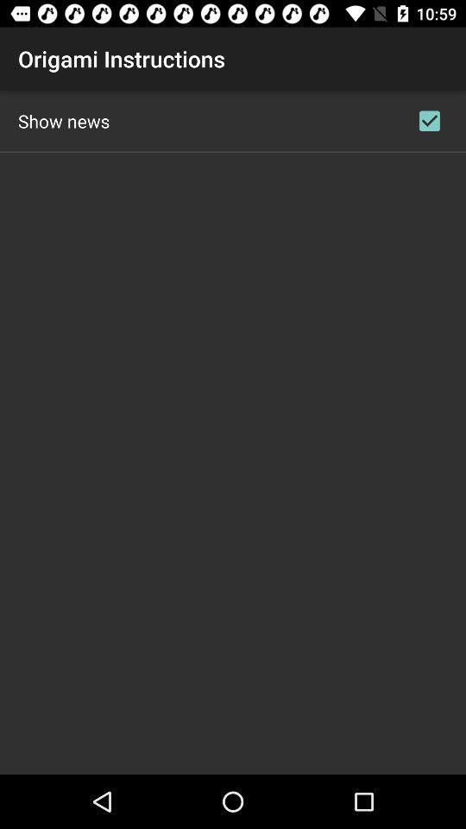  I want to click on the item to the right of the show news app, so click(428, 120).